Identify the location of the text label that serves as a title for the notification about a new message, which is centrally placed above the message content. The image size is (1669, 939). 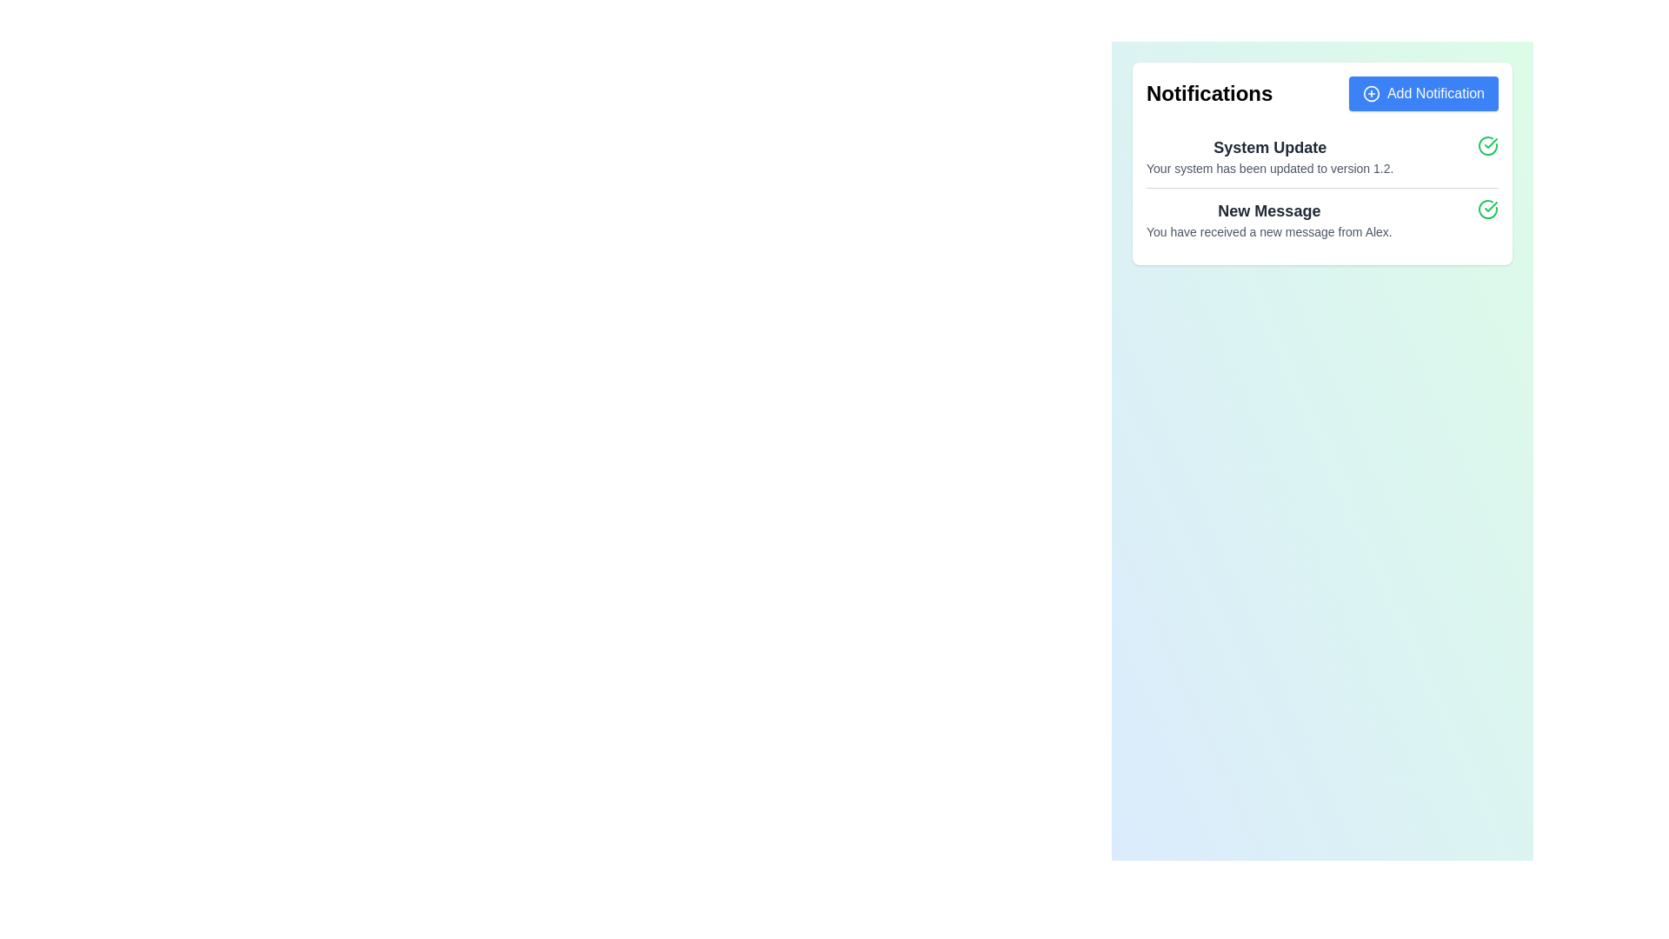
(1269, 210).